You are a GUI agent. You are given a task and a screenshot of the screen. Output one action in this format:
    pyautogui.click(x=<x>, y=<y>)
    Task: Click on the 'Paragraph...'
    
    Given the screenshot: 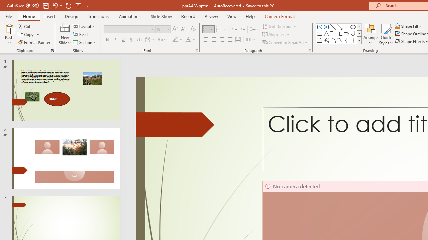 What is the action you would take?
    pyautogui.click(x=309, y=50)
    